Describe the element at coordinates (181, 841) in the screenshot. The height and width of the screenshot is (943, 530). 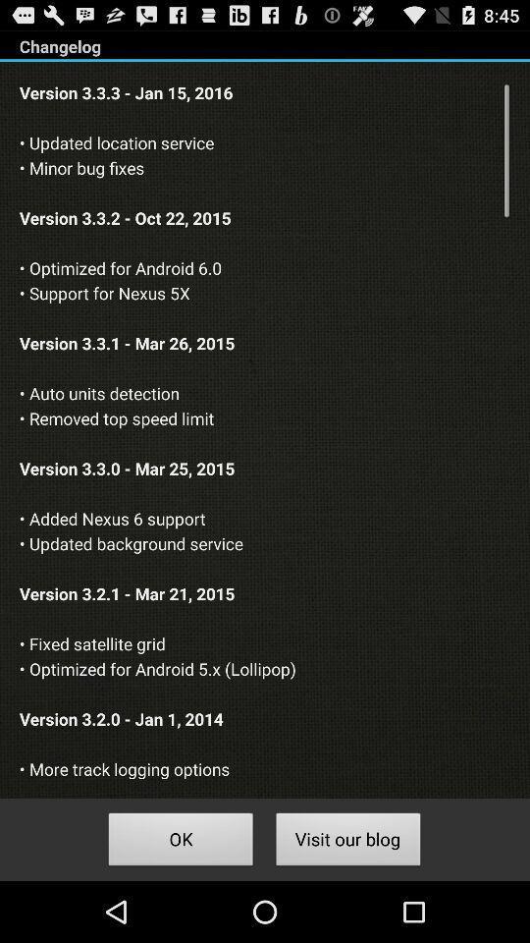
I see `the item to the left of visit our blog item` at that location.